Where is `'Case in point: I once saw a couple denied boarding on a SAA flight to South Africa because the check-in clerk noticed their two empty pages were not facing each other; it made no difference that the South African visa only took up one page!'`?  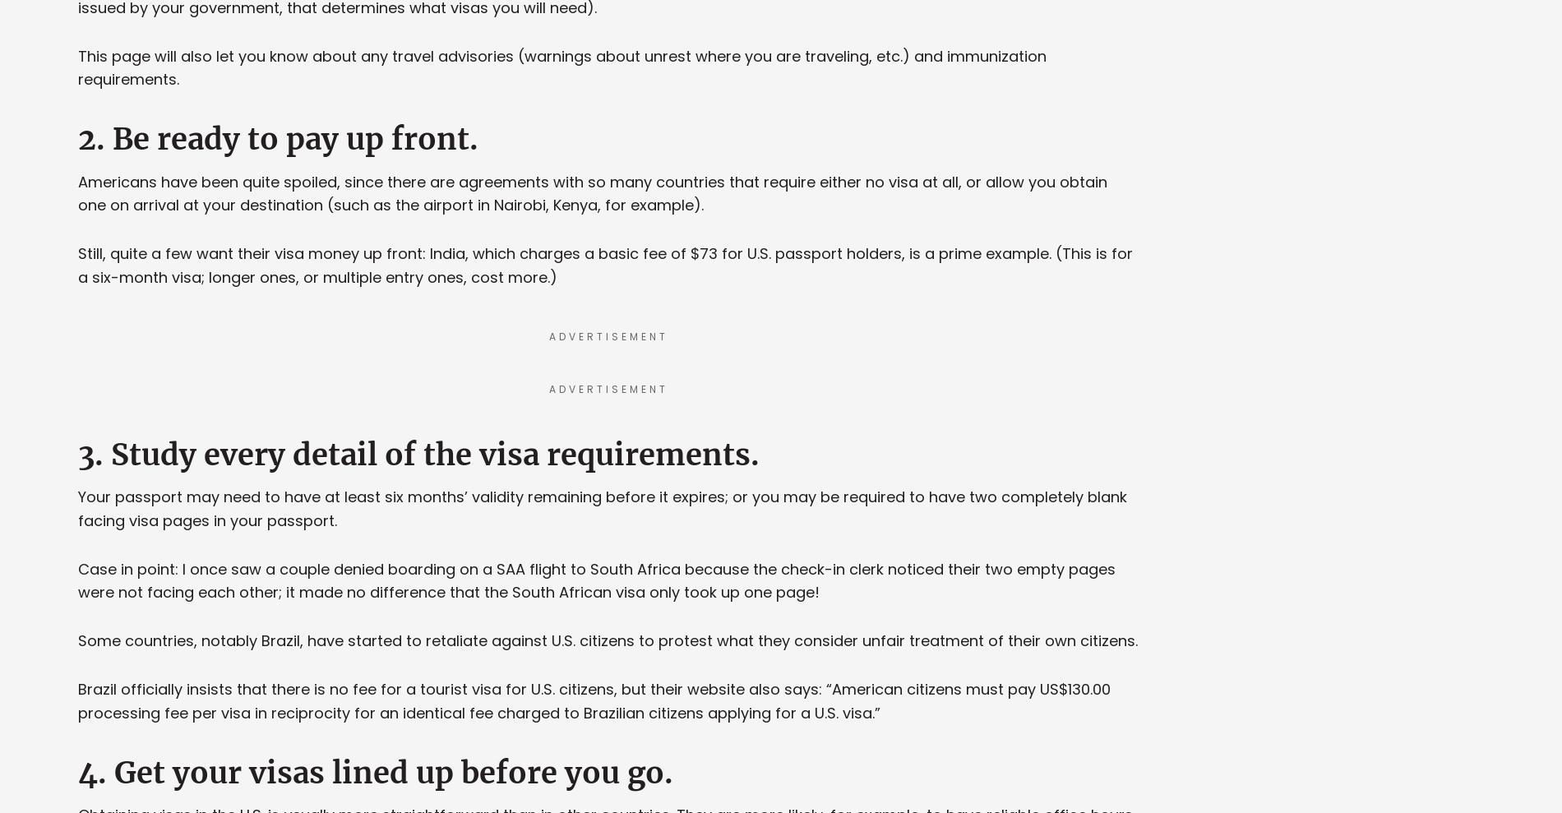
'Case in point: I once saw a couple denied boarding on a SAA flight to South Africa because the check-in clerk noticed their two empty pages were not facing each other; it made no difference that the South African visa only took up one page!' is located at coordinates (78, 580).